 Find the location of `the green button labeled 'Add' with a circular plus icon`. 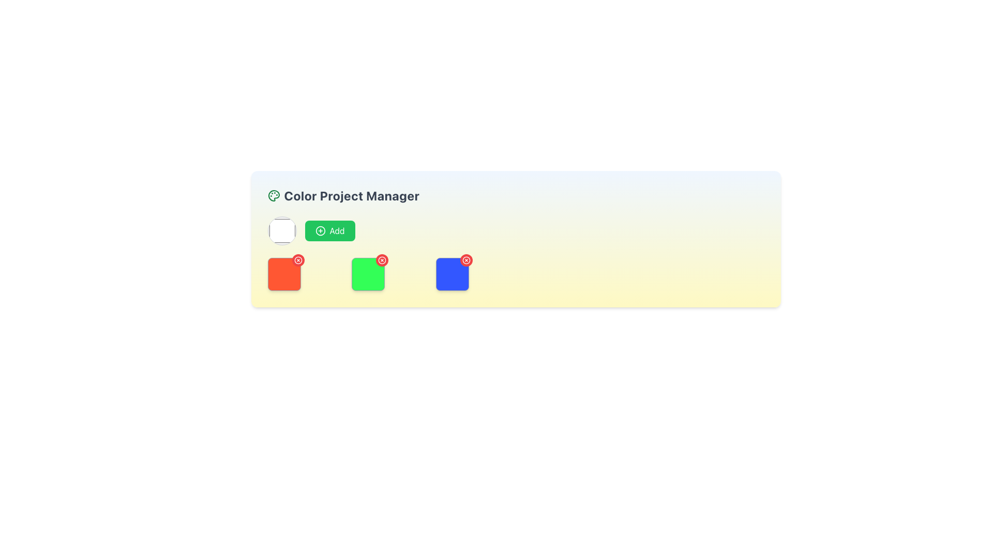

the green button labeled 'Add' with a circular plus icon is located at coordinates (329, 230).